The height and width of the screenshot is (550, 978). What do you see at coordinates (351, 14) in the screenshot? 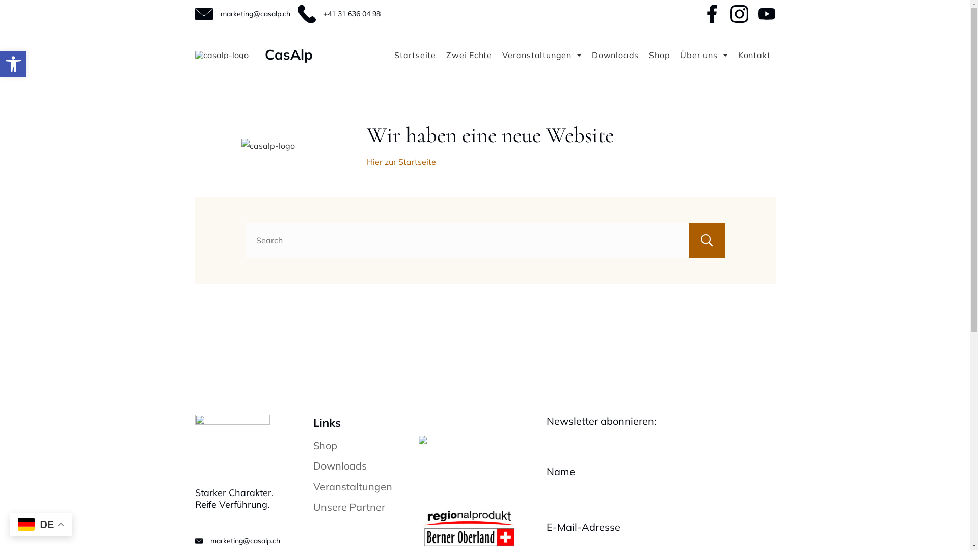
I see `'+41 31 636 04 98'` at bounding box center [351, 14].